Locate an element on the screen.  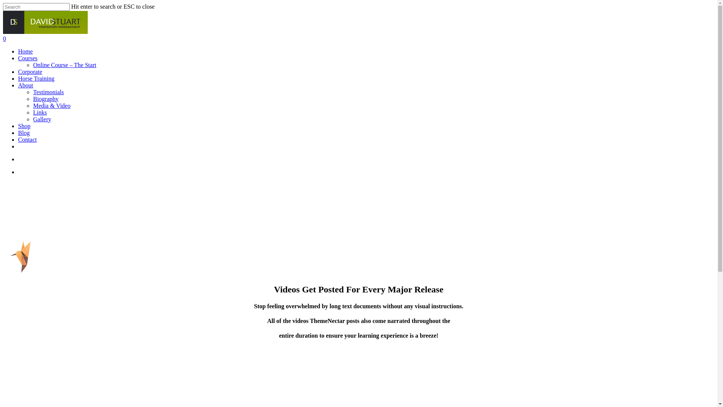
'Corporate' is located at coordinates (30, 72).